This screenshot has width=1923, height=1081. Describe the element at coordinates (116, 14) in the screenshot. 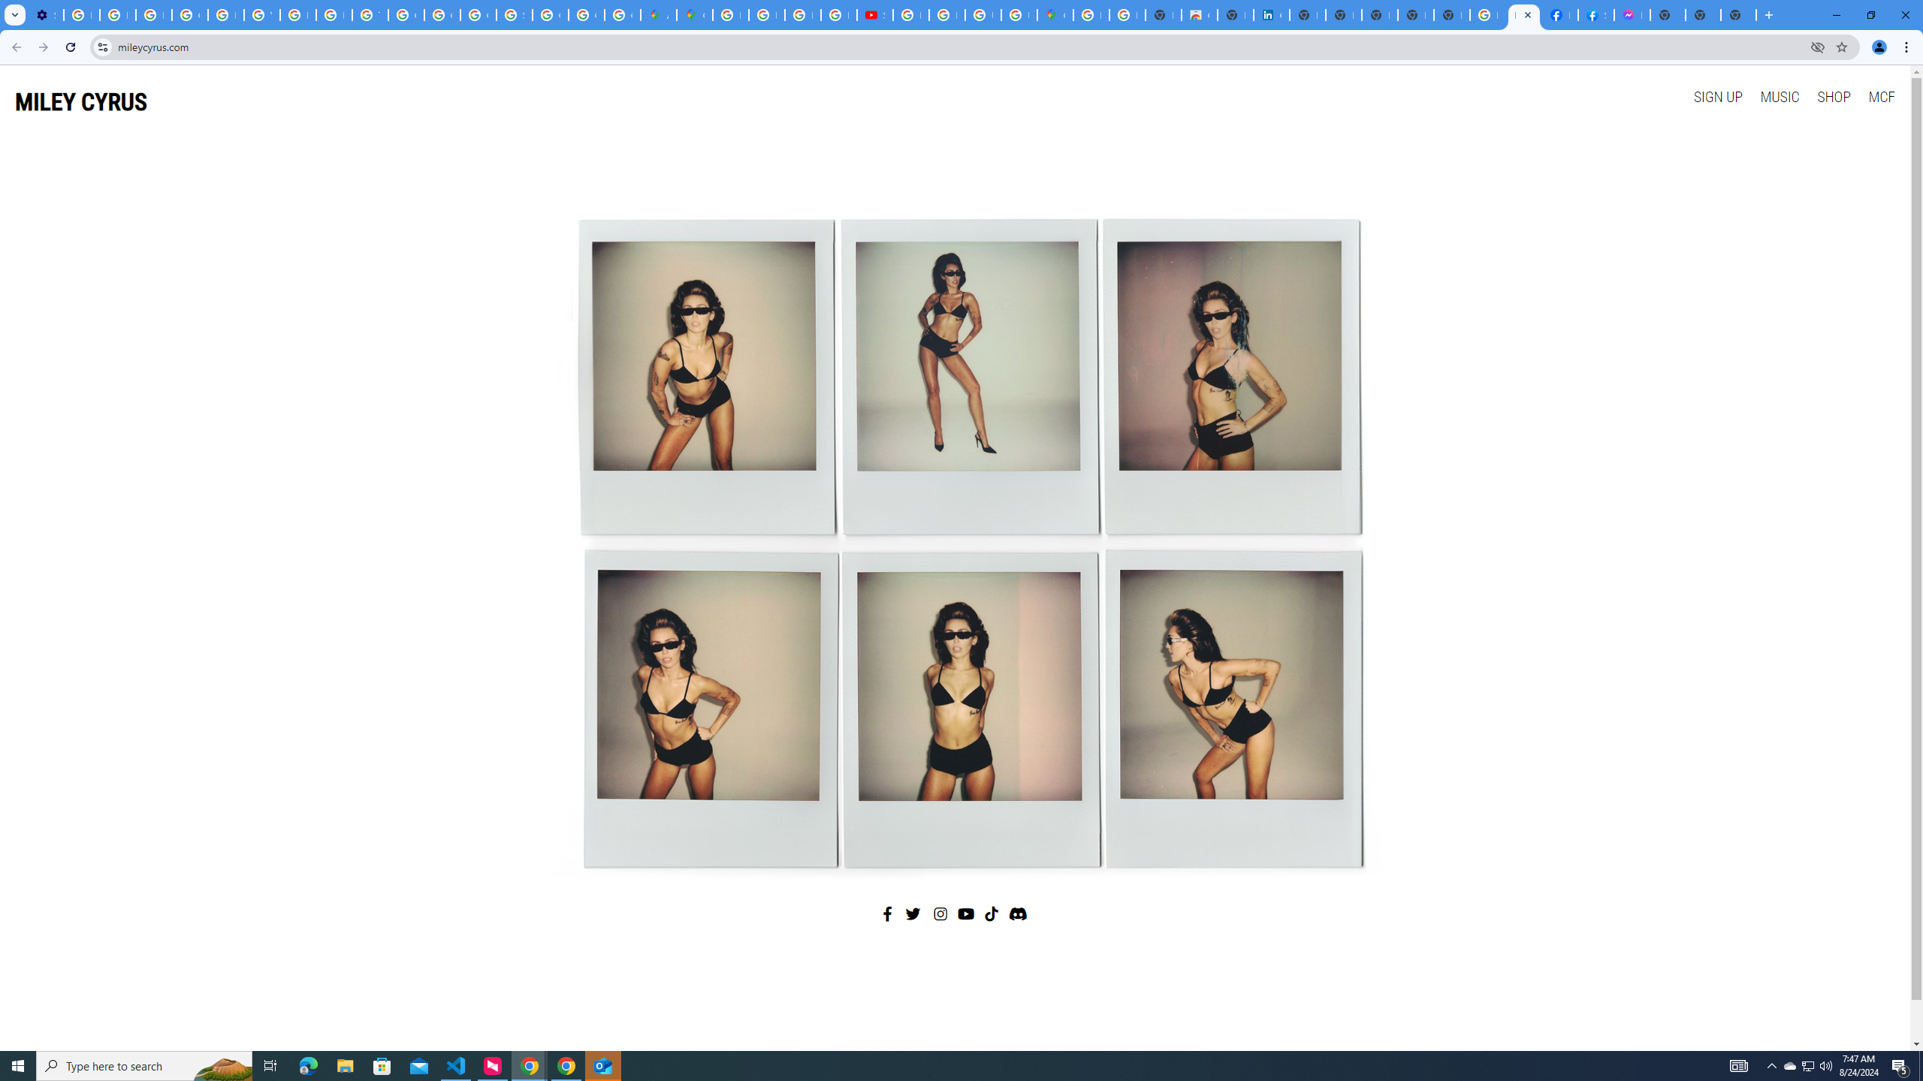

I see `'Learn how to find your photos - Google Photos Help'` at that location.